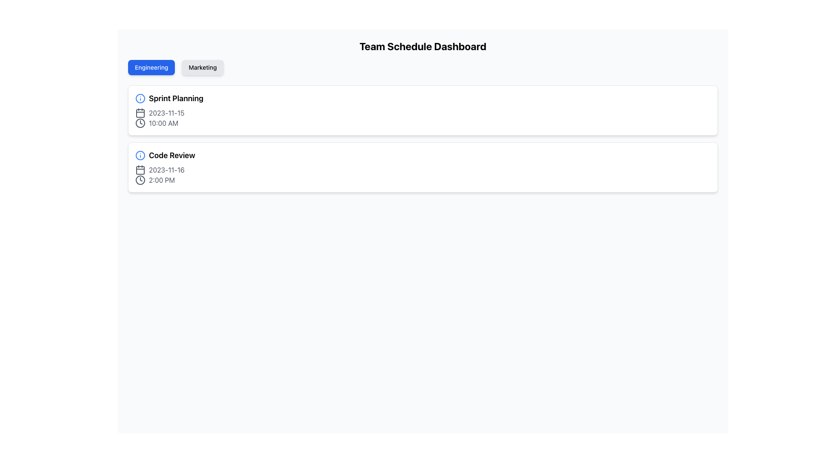  What do you see at coordinates (140, 180) in the screenshot?
I see `the clock icon next to the '2:00 PM' time in the second event item ('Code Review') on the dashboard interface` at bounding box center [140, 180].